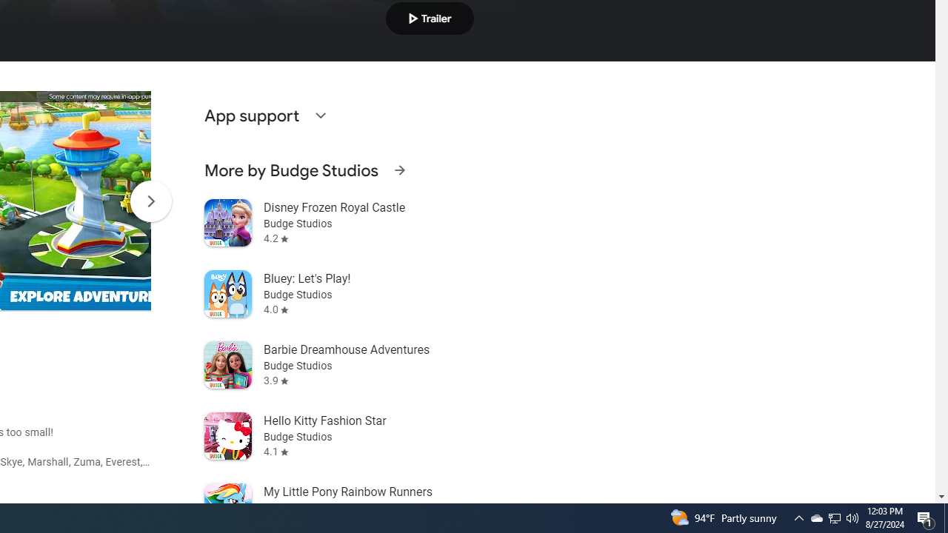 This screenshot has width=948, height=533. I want to click on 'Play trailer', so click(429, 18).